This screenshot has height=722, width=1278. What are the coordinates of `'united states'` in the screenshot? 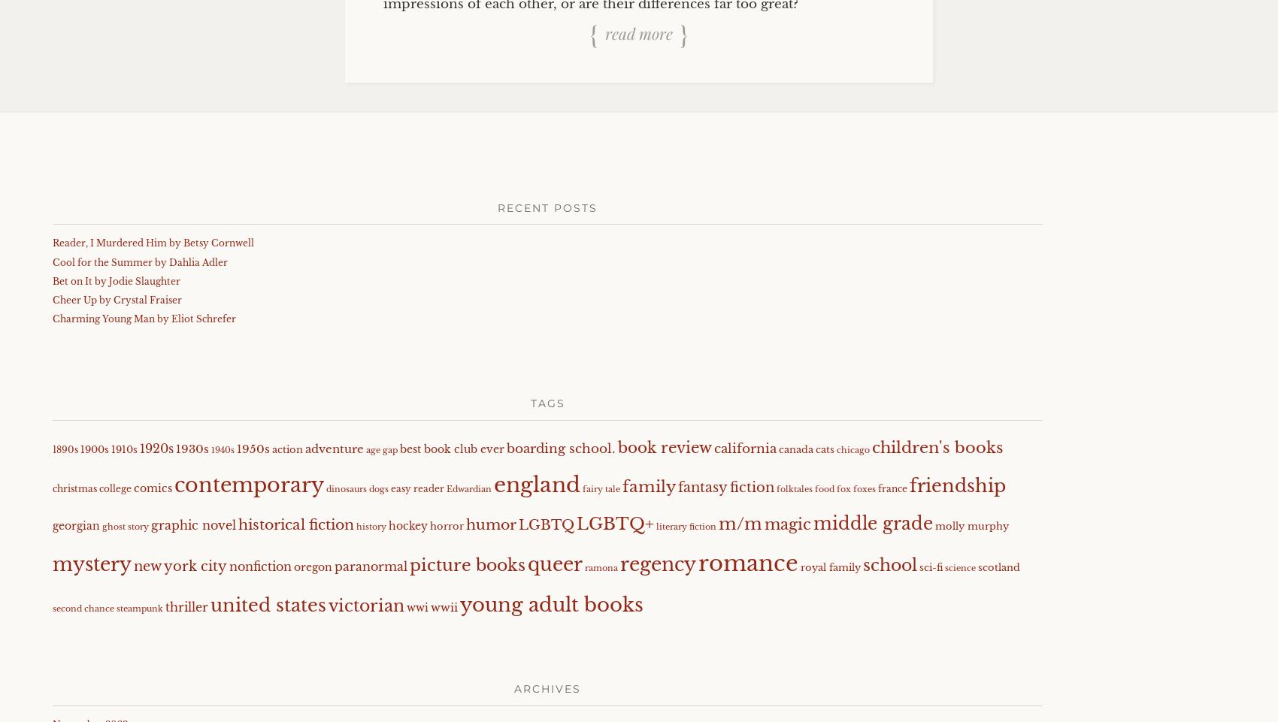 It's located at (210, 605).